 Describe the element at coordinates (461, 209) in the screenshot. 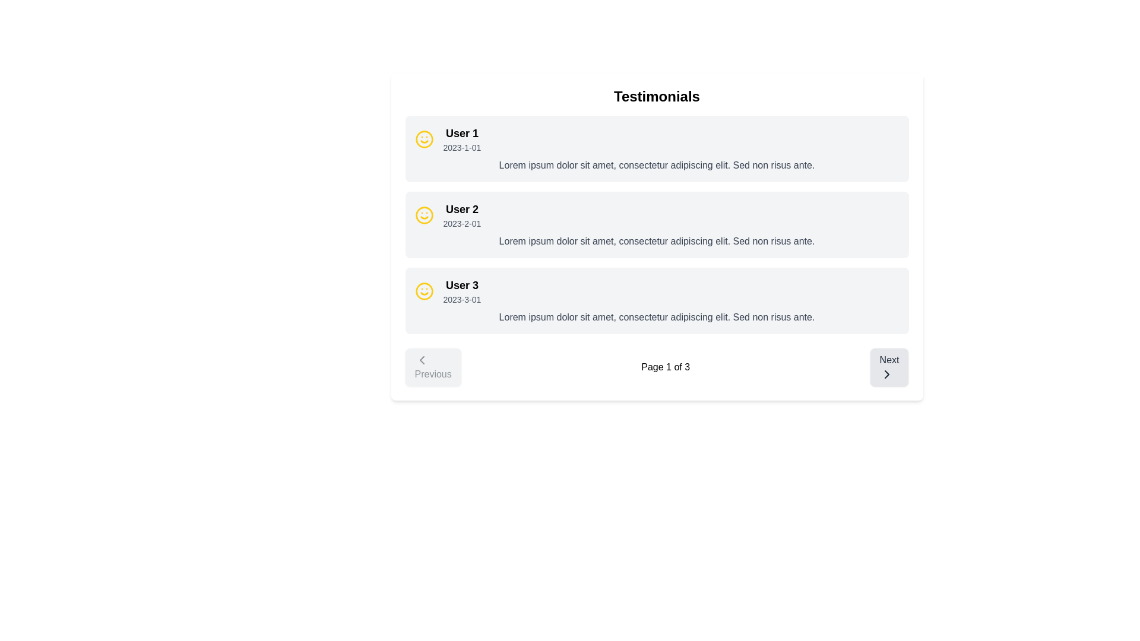

I see `the bolded text label 'User 2' that identifies a user in the Testimonials section, located in the second row, next to a smiley icon and above the date '2023-2-01'` at that location.